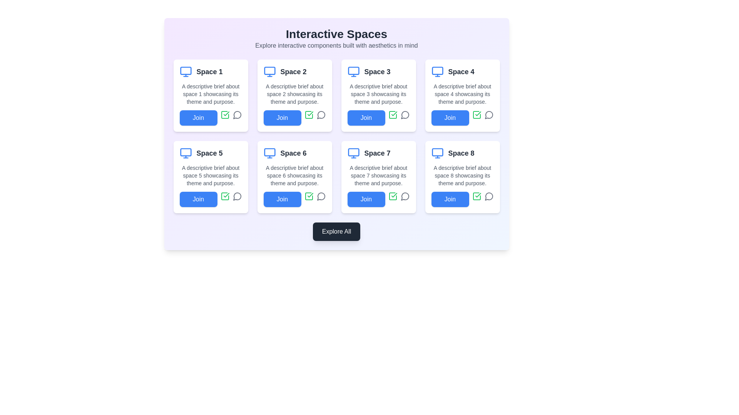 The height and width of the screenshot is (415, 739). Describe the element at coordinates (476, 115) in the screenshot. I see `the outlined rounded square icon representing a checkmark located in the bottom-right area of the 'Space 4' card` at that location.